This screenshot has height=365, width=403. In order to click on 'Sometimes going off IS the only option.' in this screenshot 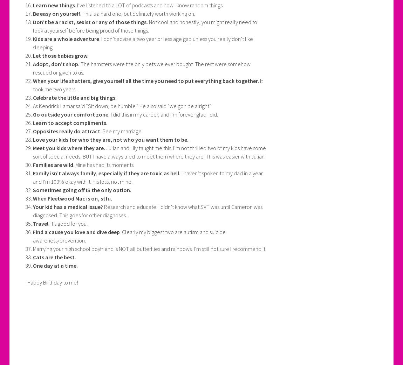, I will do `click(81, 190)`.